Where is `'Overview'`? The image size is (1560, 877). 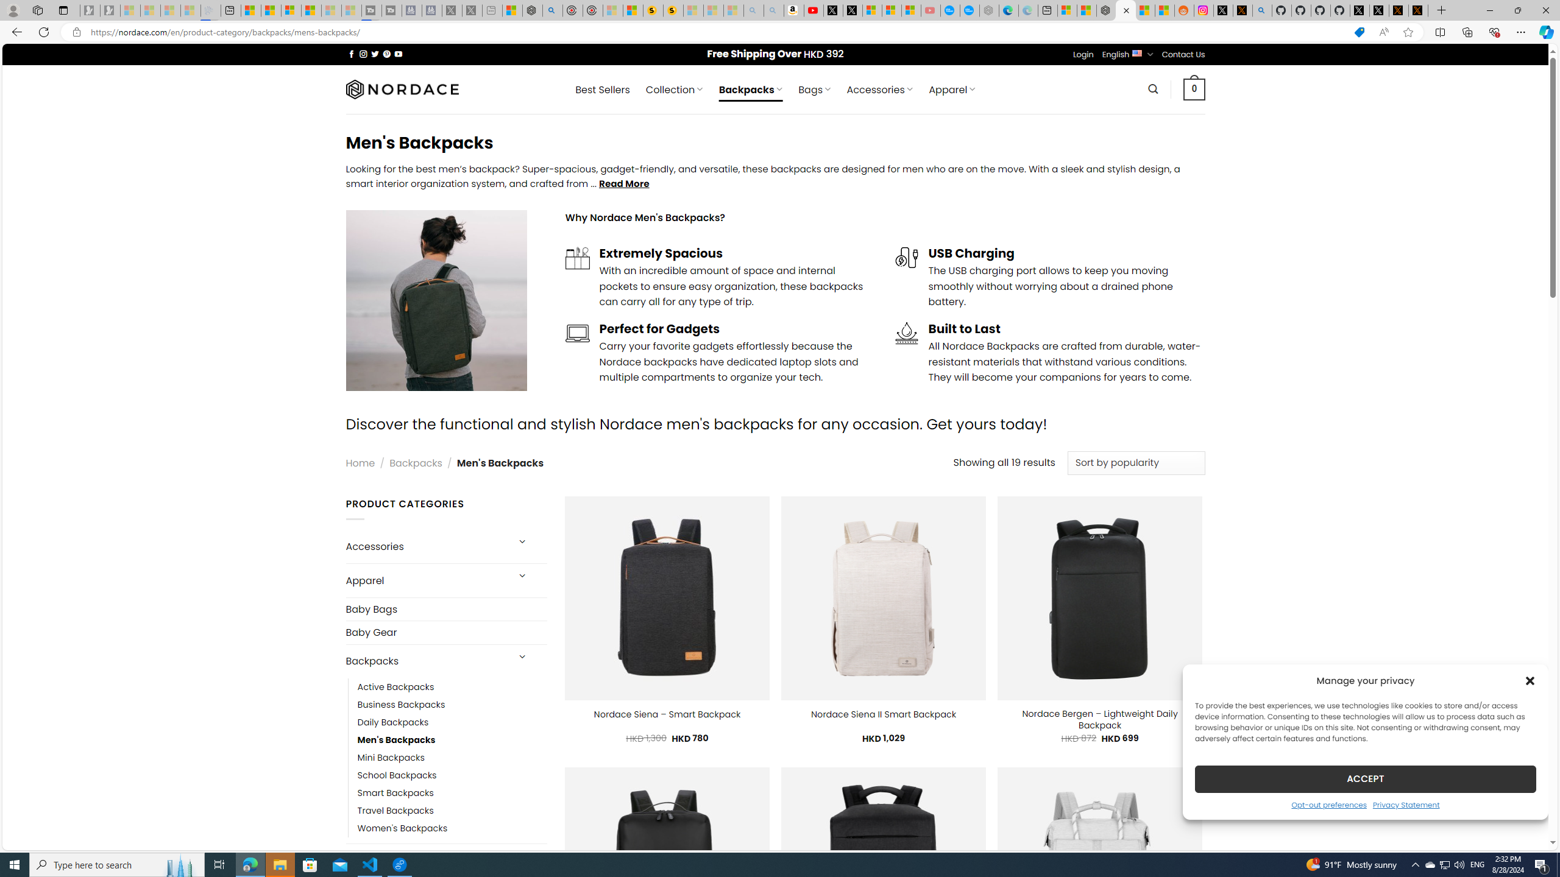 'Overview' is located at coordinates (290, 10).